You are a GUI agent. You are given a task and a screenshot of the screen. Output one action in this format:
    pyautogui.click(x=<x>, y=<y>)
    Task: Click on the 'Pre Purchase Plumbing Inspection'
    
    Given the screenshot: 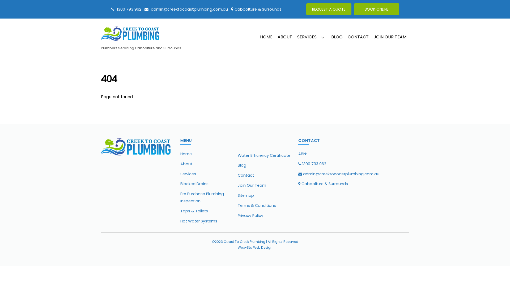 What is the action you would take?
    pyautogui.click(x=202, y=197)
    